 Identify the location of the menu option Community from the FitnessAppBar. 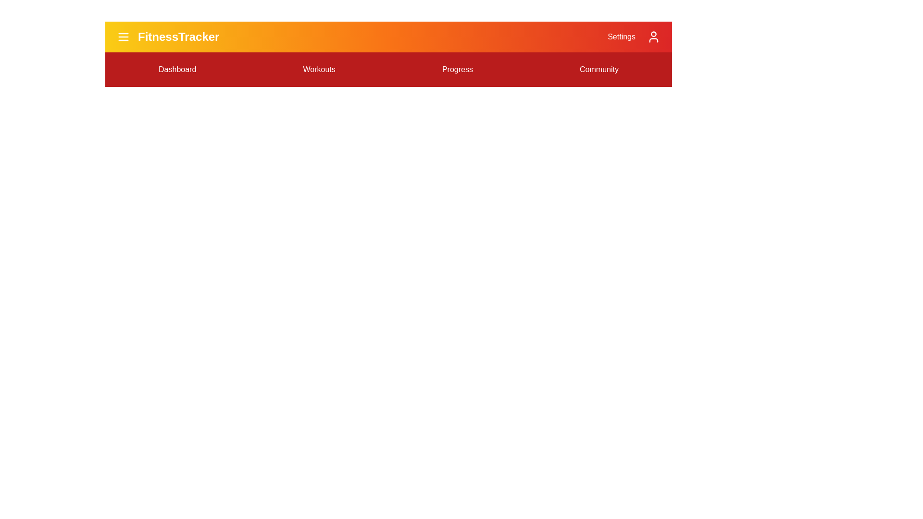
(599, 69).